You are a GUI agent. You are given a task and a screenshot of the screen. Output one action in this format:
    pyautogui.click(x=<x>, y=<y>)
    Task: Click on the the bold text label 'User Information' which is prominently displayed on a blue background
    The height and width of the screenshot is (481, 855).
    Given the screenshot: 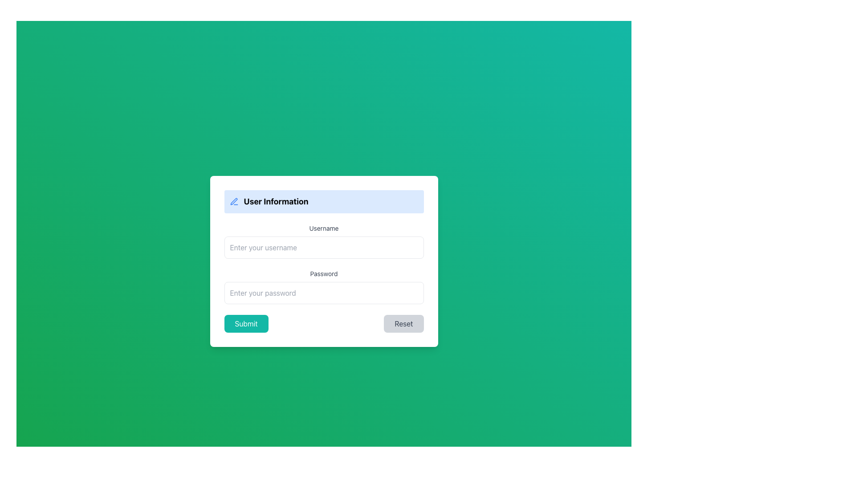 What is the action you would take?
    pyautogui.click(x=275, y=201)
    